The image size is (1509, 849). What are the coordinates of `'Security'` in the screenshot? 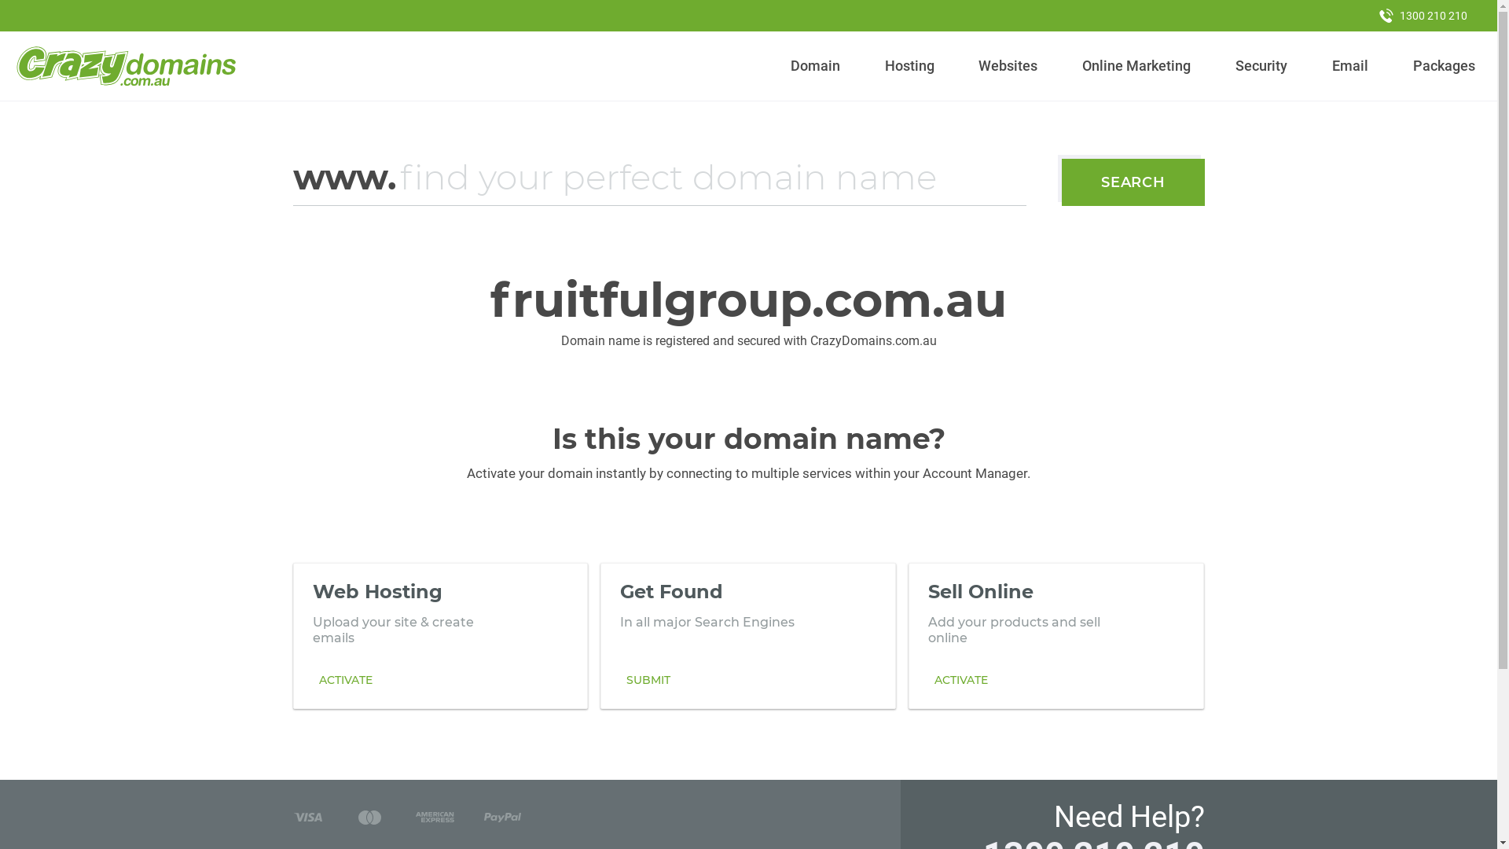 It's located at (1261, 65).